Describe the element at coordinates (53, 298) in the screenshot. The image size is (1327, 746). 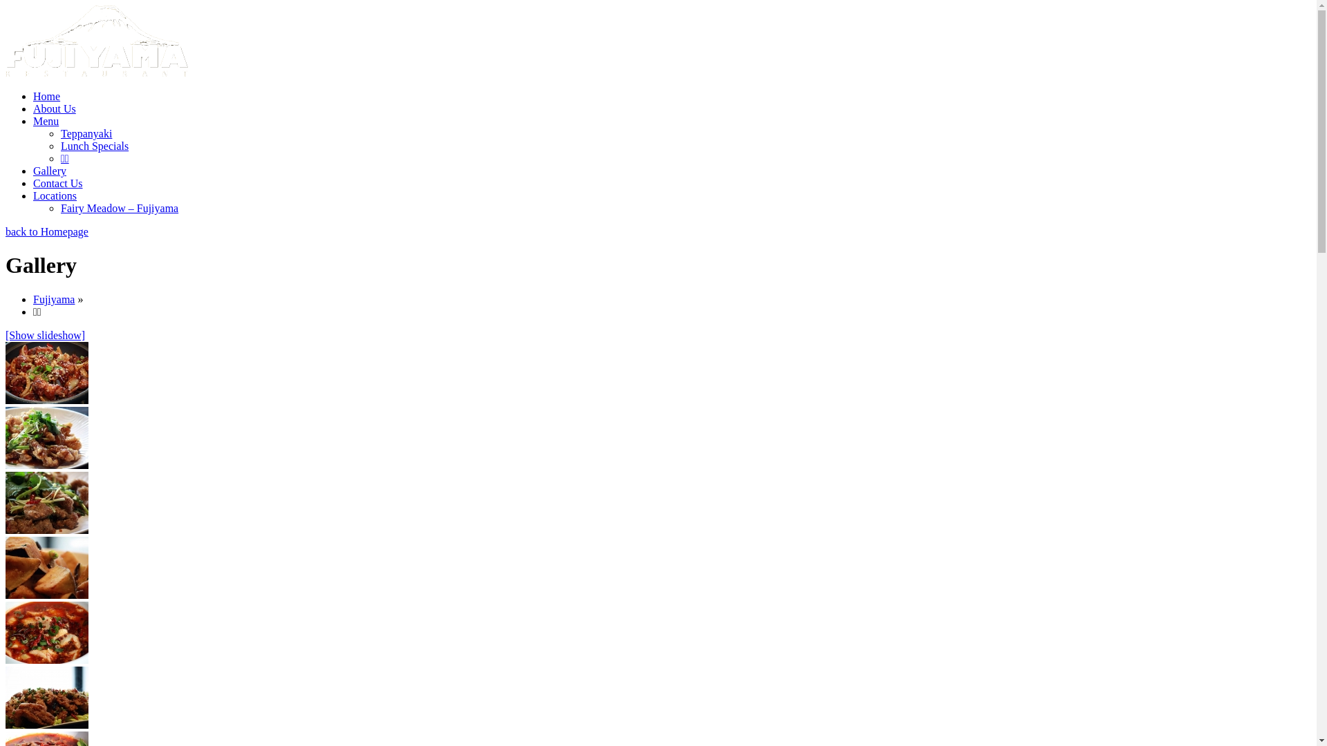
I see `'Fujiyama'` at that location.